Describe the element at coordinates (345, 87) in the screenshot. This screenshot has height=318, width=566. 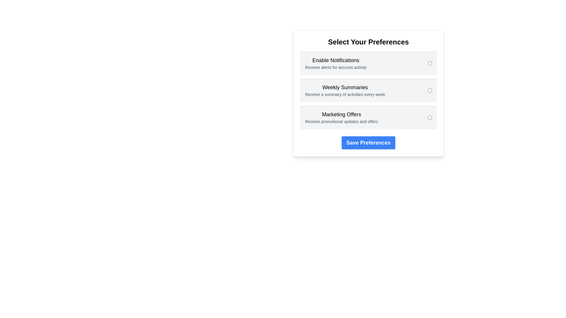
I see `the text Weekly Summaries for interaction` at that location.